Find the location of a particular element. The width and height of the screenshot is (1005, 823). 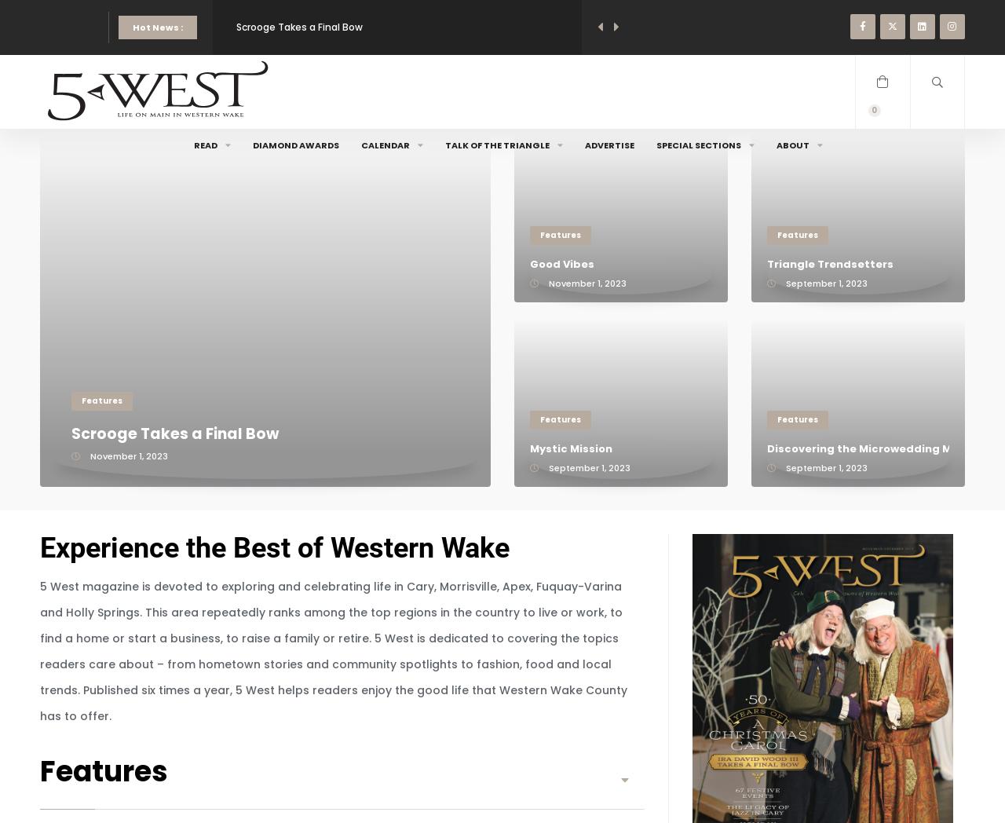

'0 items' is located at coordinates (880, 116).